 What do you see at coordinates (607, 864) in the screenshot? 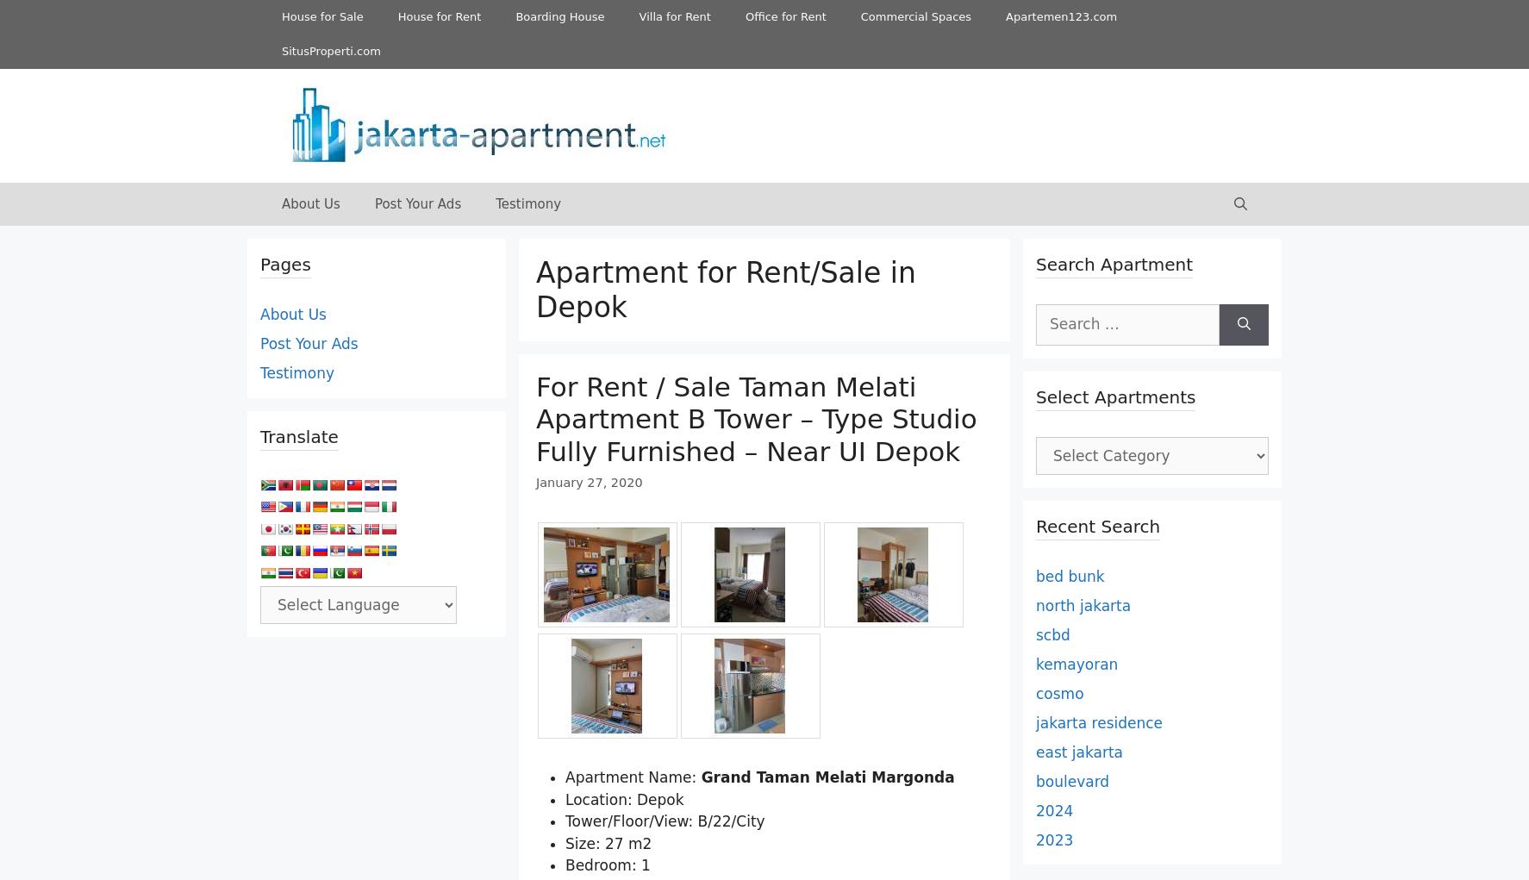
I see `'Bedroom: 1'` at bounding box center [607, 864].